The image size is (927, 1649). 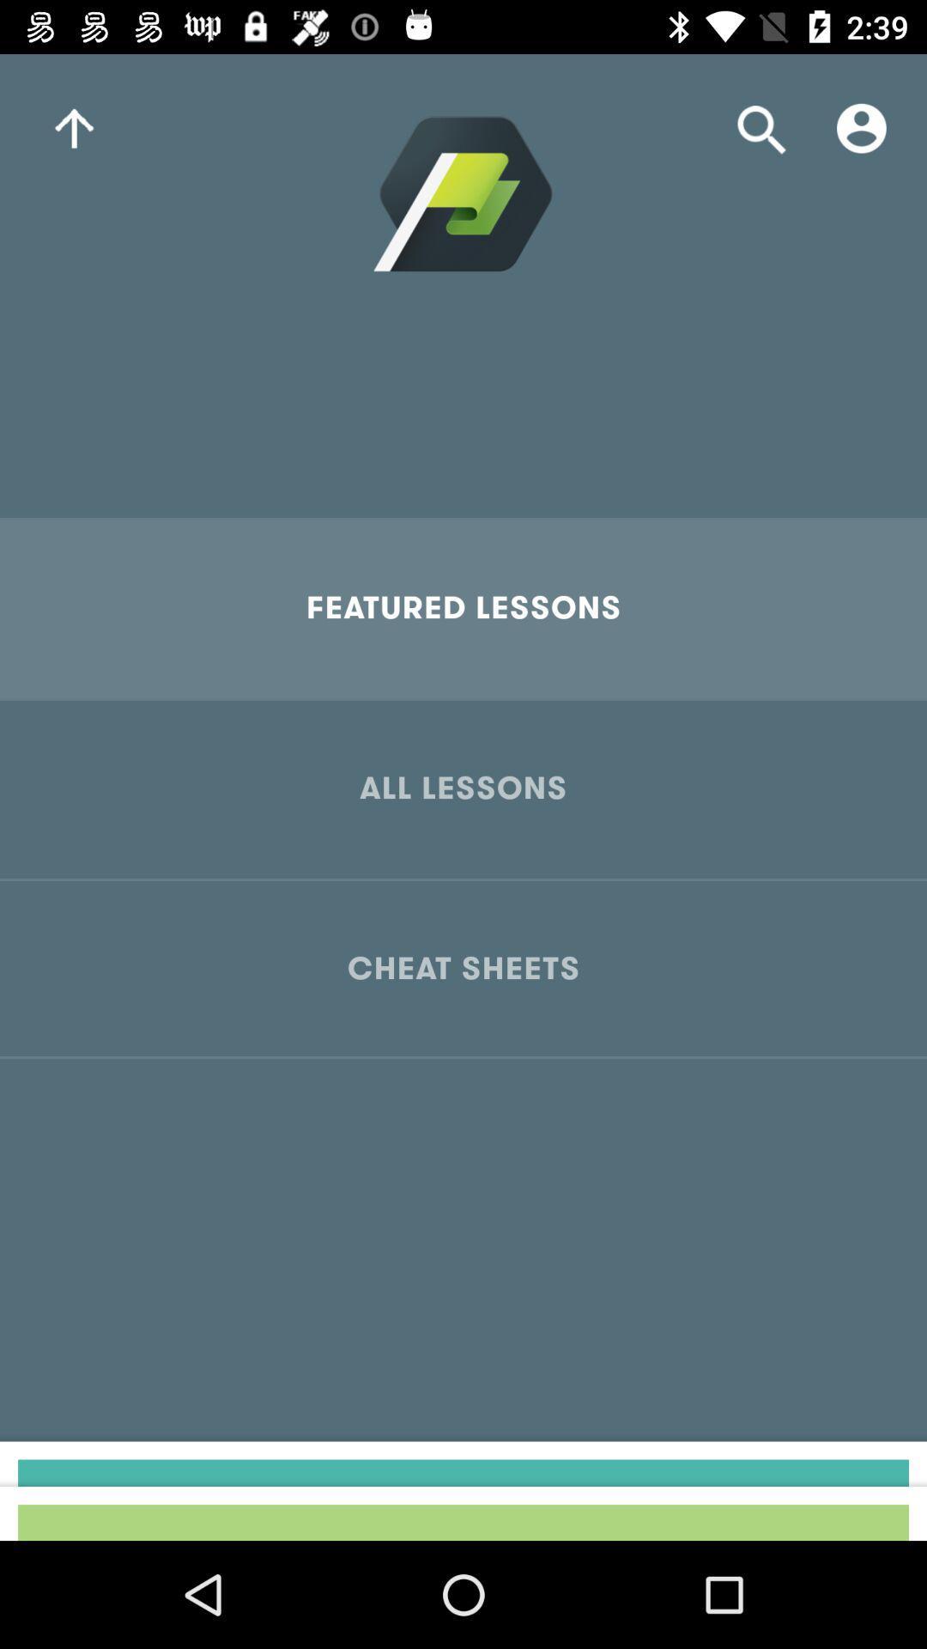 I want to click on the arrow_upward icon, so click(x=73, y=127).